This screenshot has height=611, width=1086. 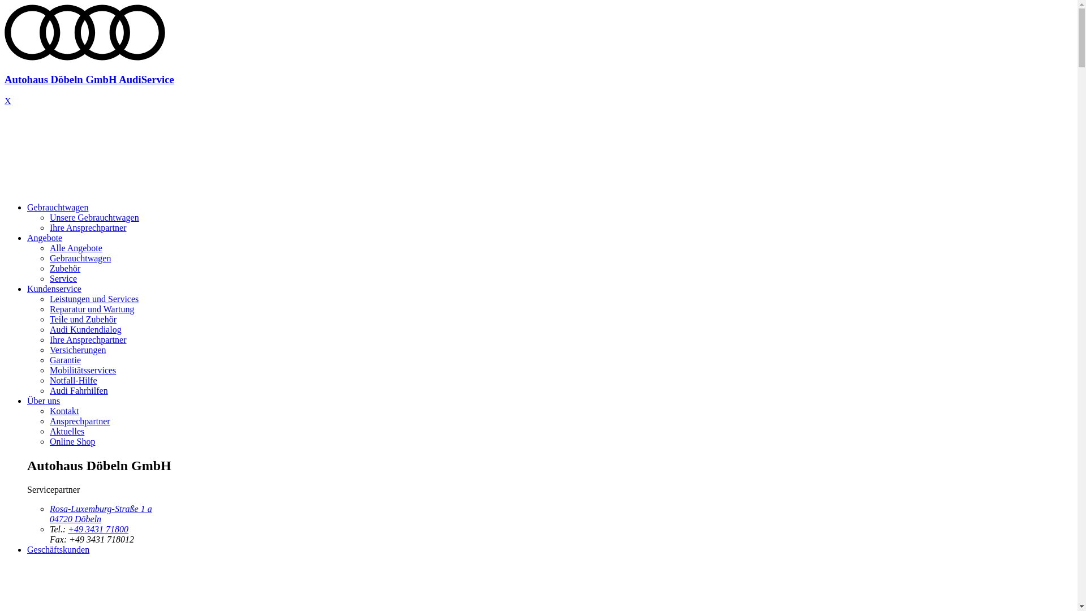 What do you see at coordinates (49, 421) in the screenshot?
I see `'Ansprechpartner'` at bounding box center [49, 421].